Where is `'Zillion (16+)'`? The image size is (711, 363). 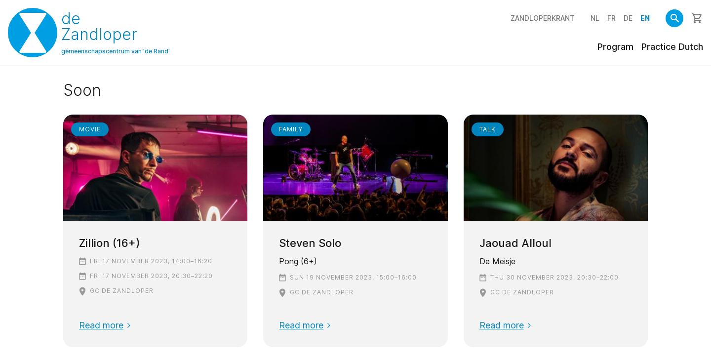 'Zillion (16+)' is located at coordinates (110, 243).